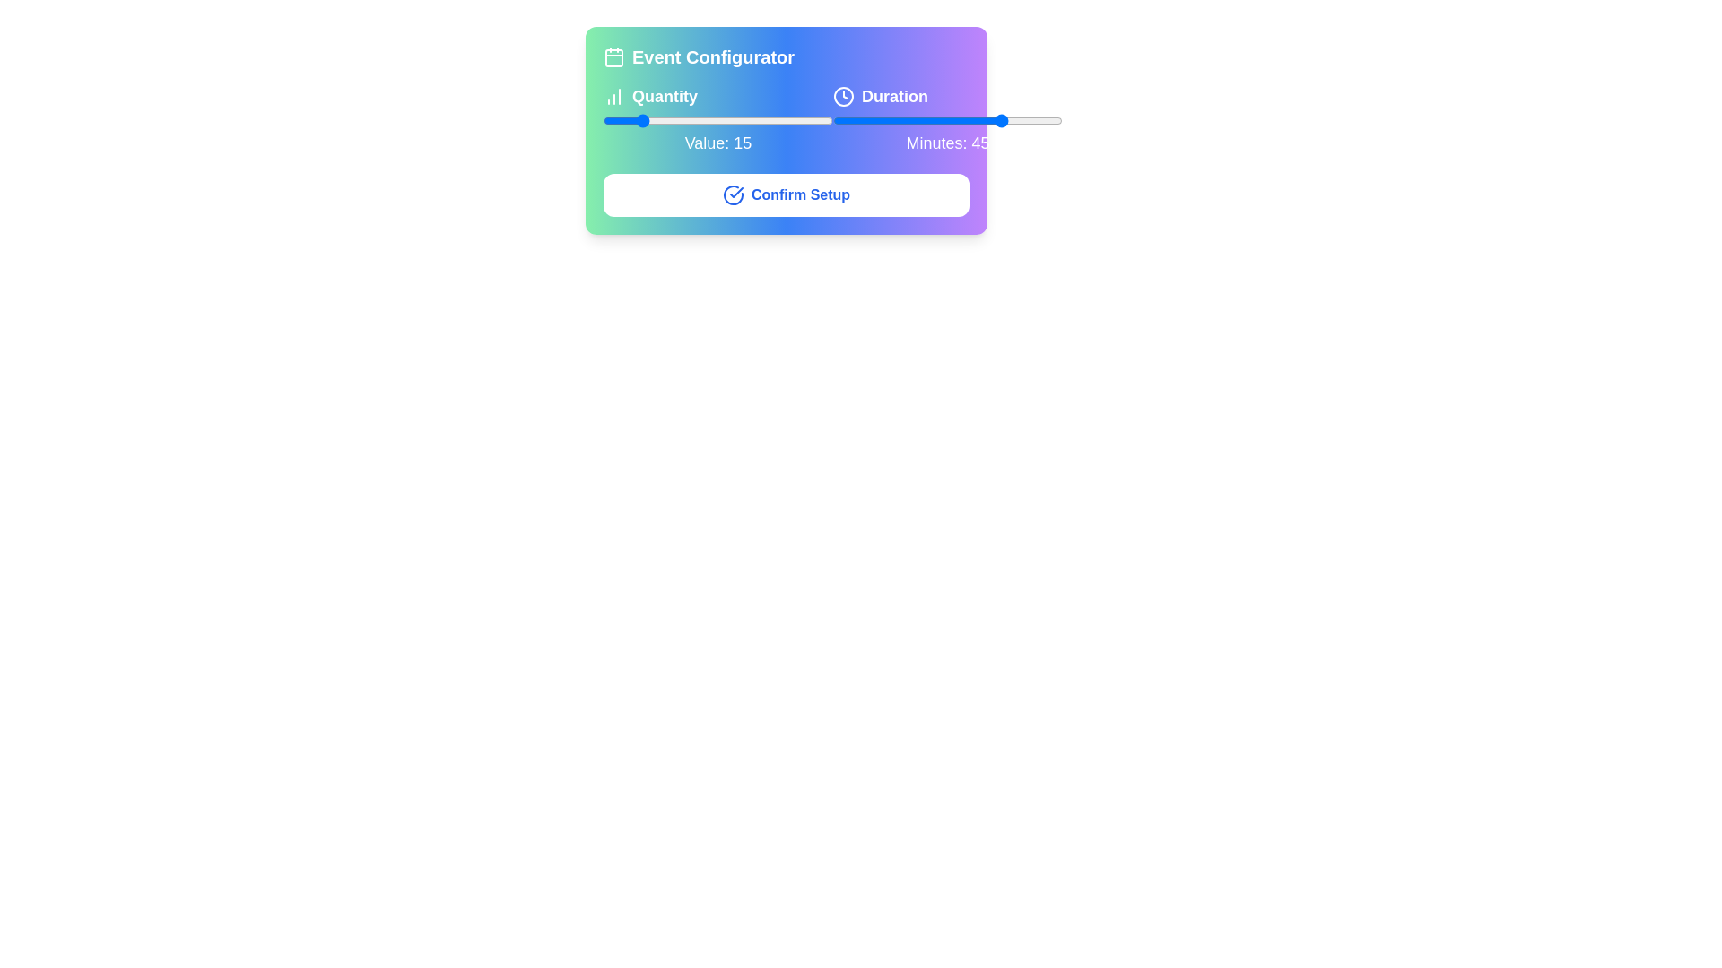  What do you see at coordinates (891, 121) in the screenshot?
I see `duration` at bounding box center [891, 121].